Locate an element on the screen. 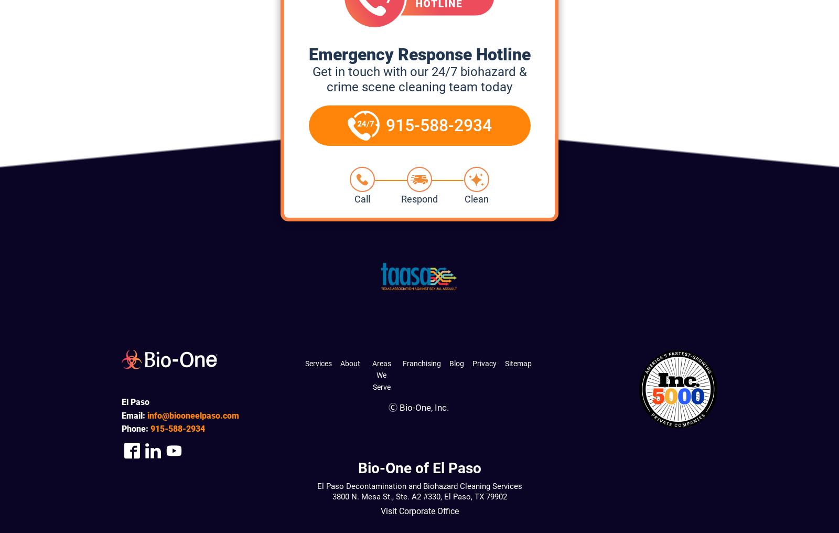  'Decontamination and Biohazard Cleaning Services' is located at coordinates (343, 485).